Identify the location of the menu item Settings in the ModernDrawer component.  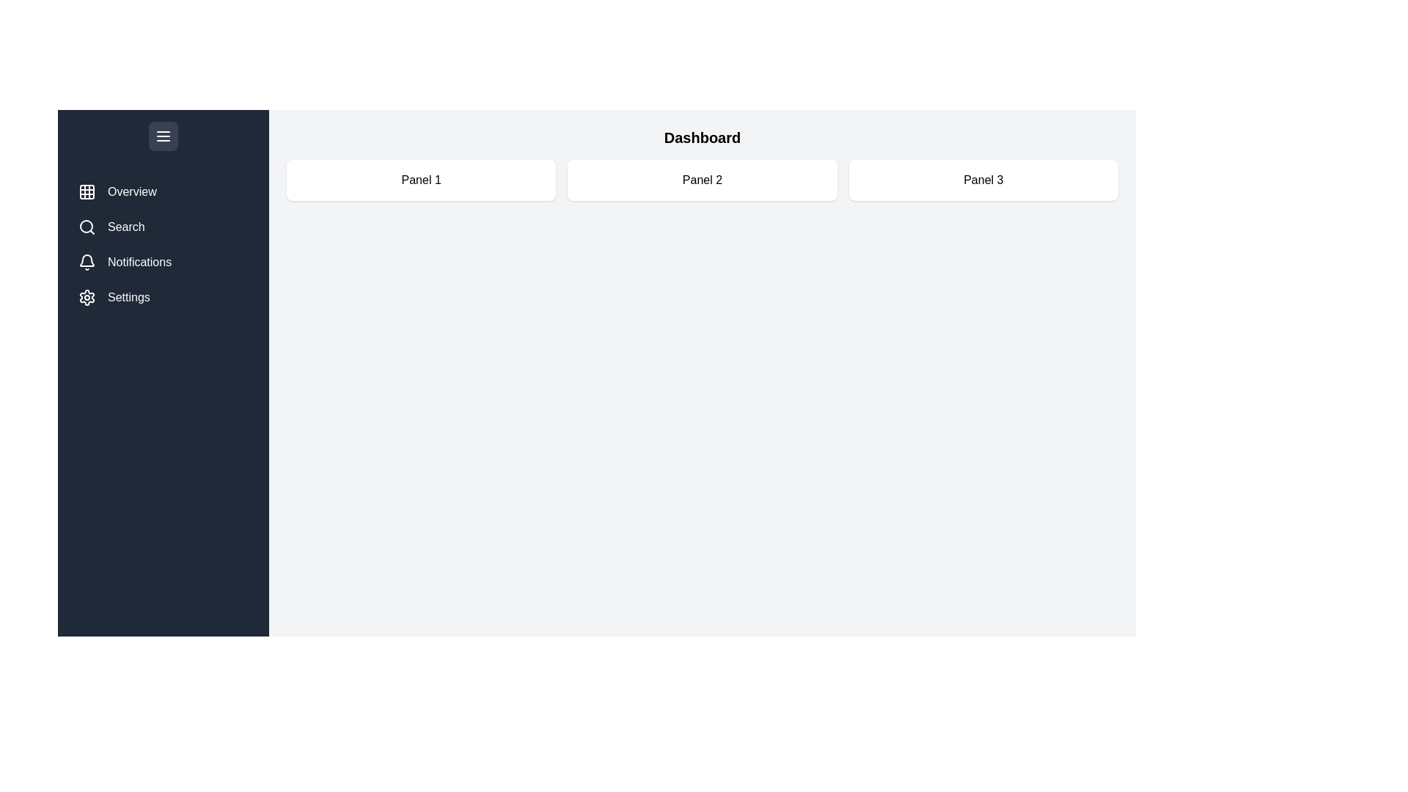
(163, 297).